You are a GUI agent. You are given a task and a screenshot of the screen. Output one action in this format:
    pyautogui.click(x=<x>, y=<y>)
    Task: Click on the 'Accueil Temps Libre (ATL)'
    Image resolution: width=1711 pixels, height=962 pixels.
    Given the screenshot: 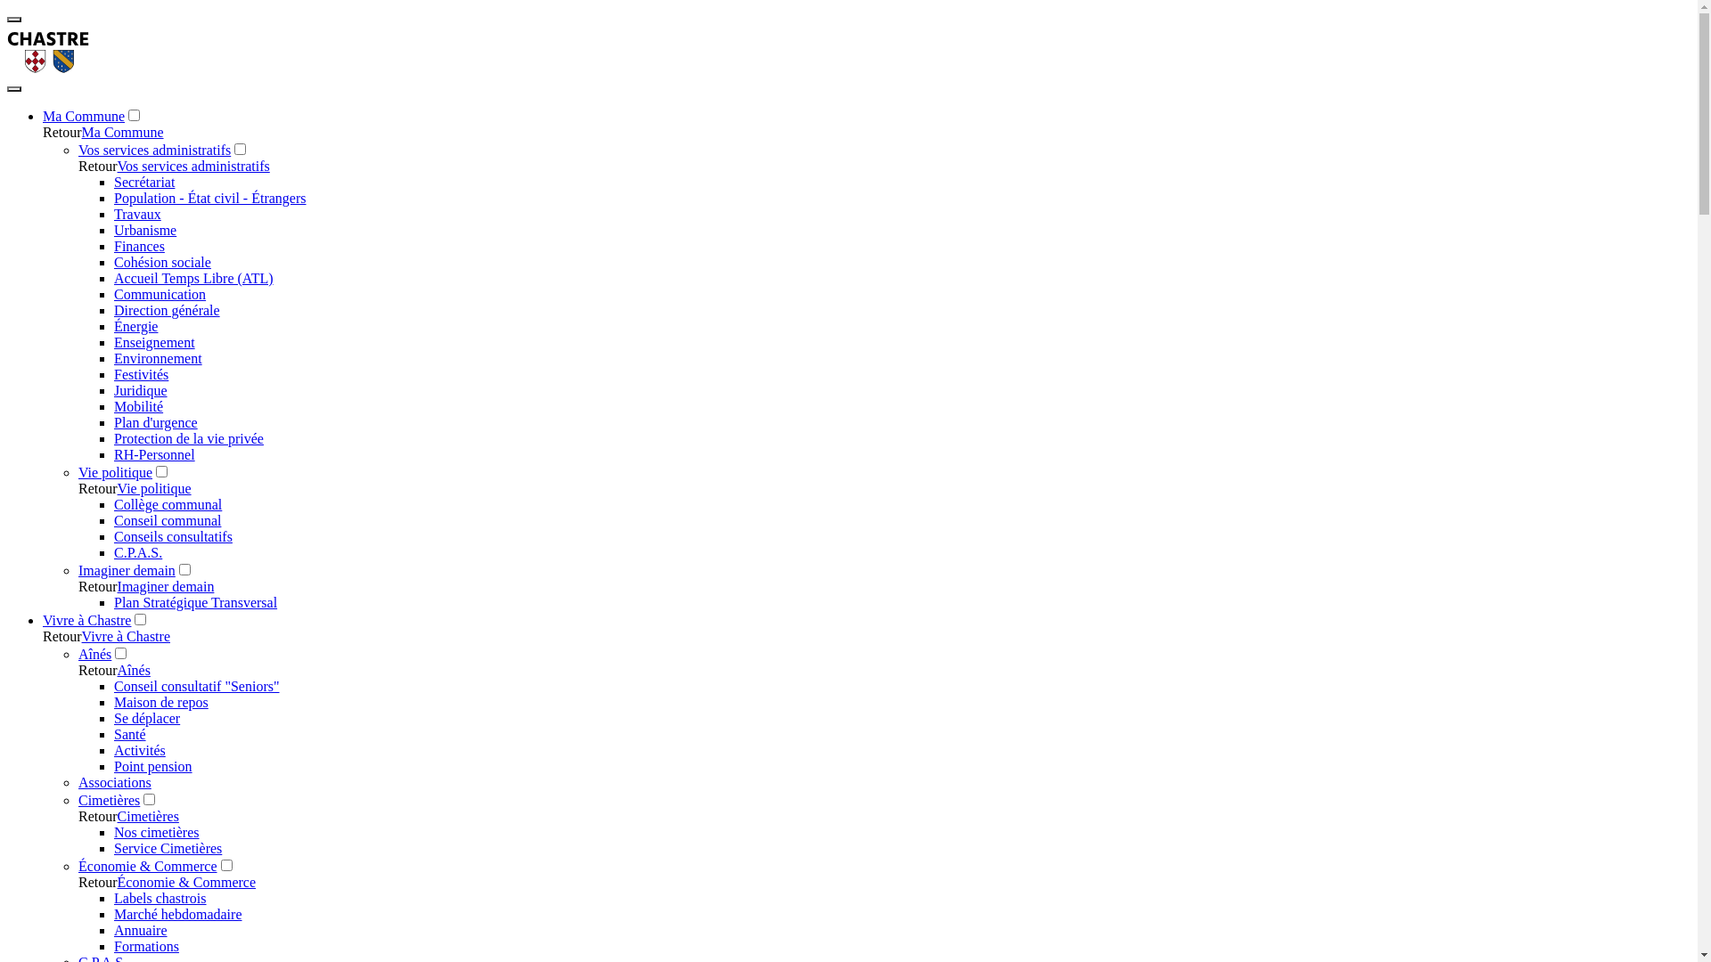 What is the action you would take?
    pyautogui.click(x=113, y=278)
    